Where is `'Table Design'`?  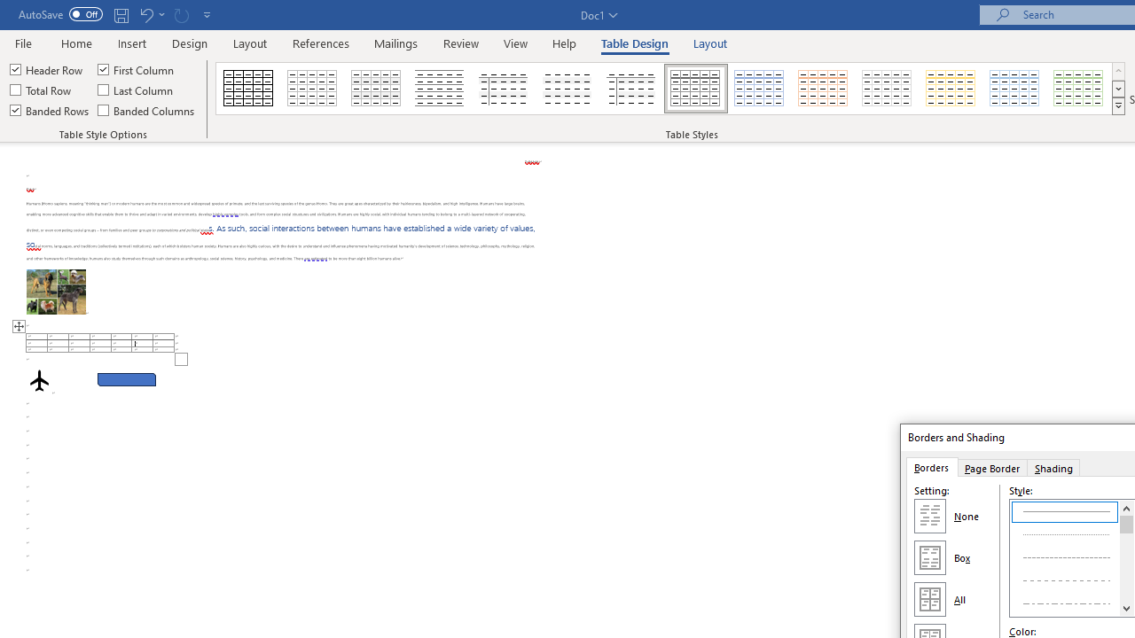
'Table Design' is located at coordinates (635, 43).